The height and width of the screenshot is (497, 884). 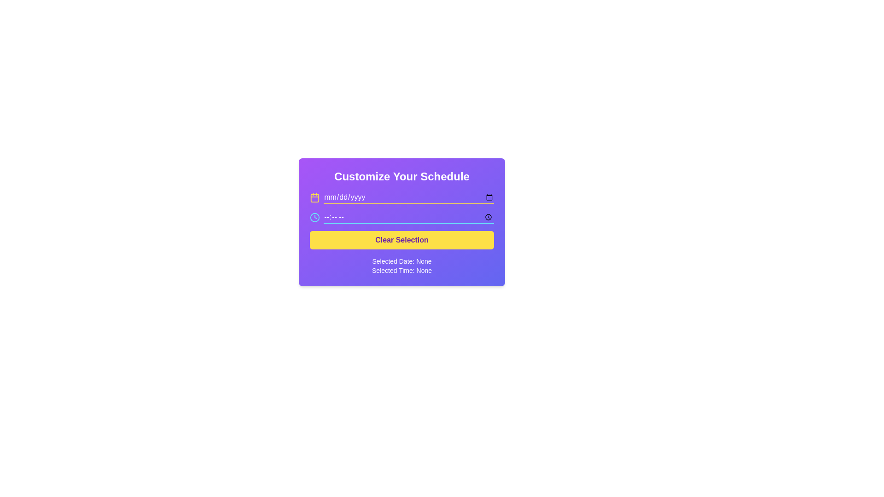 I want to click on the Text Display that shows current selections for date and time, defaulting to 'None' if no selections have been made, so click(x=402, y=266).